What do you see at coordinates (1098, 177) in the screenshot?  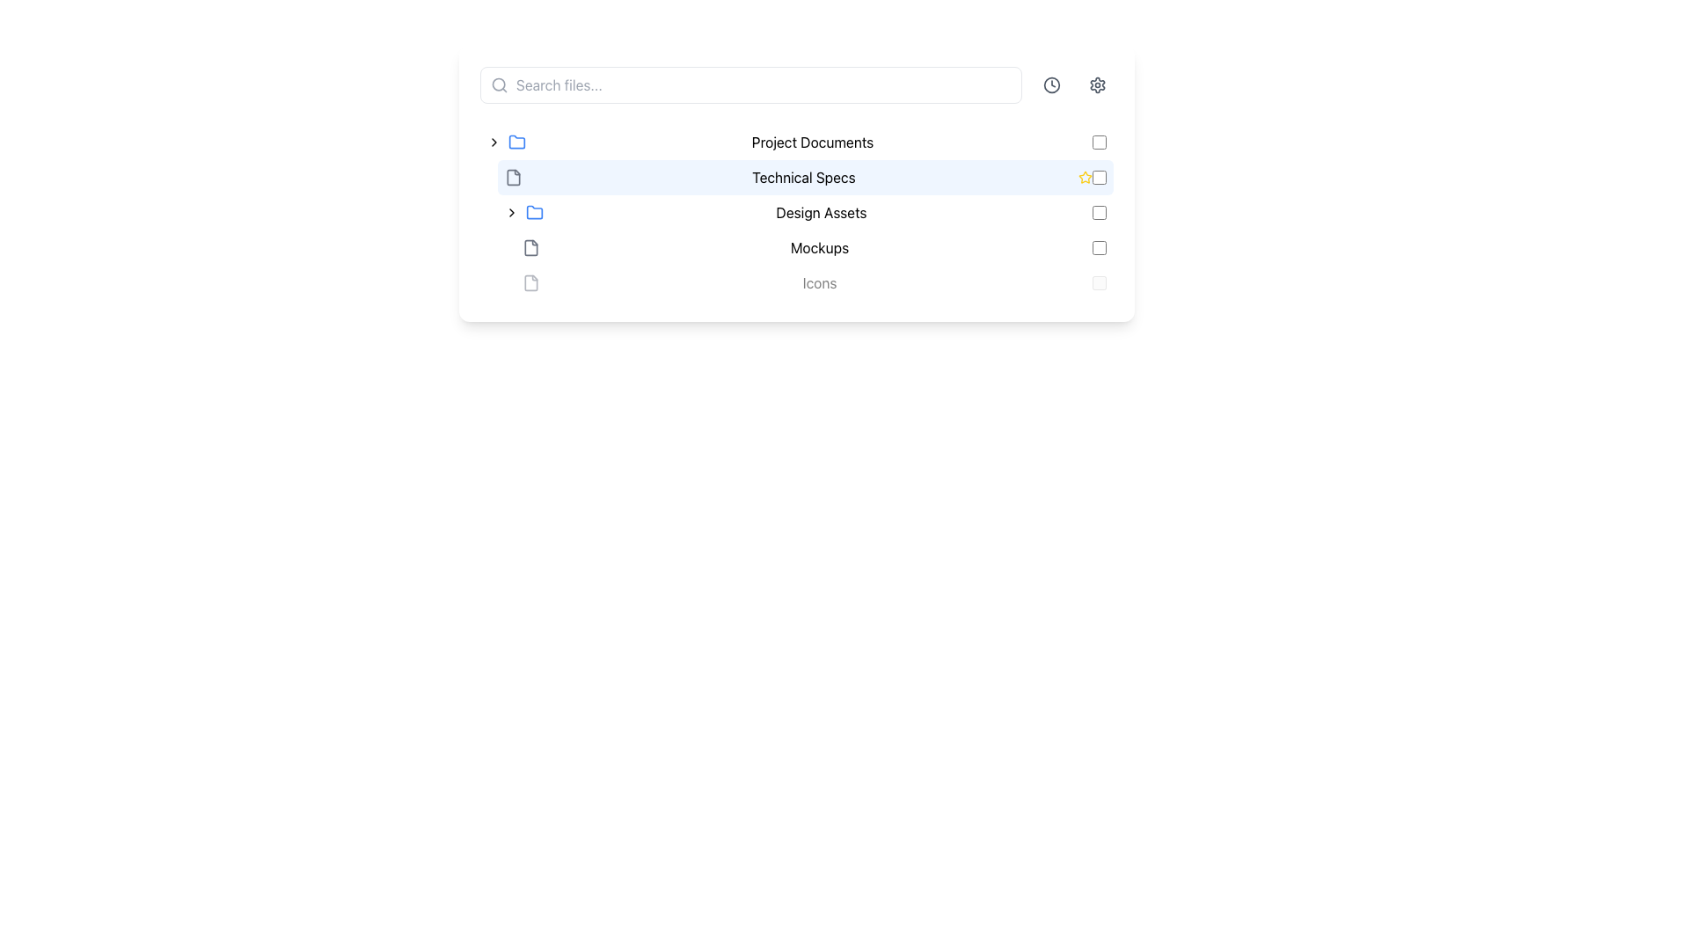 I see `over the checkbox styled as a square icon with rounded corners located in the 'Technical Specs' row` at bounding box center [1098, 177].